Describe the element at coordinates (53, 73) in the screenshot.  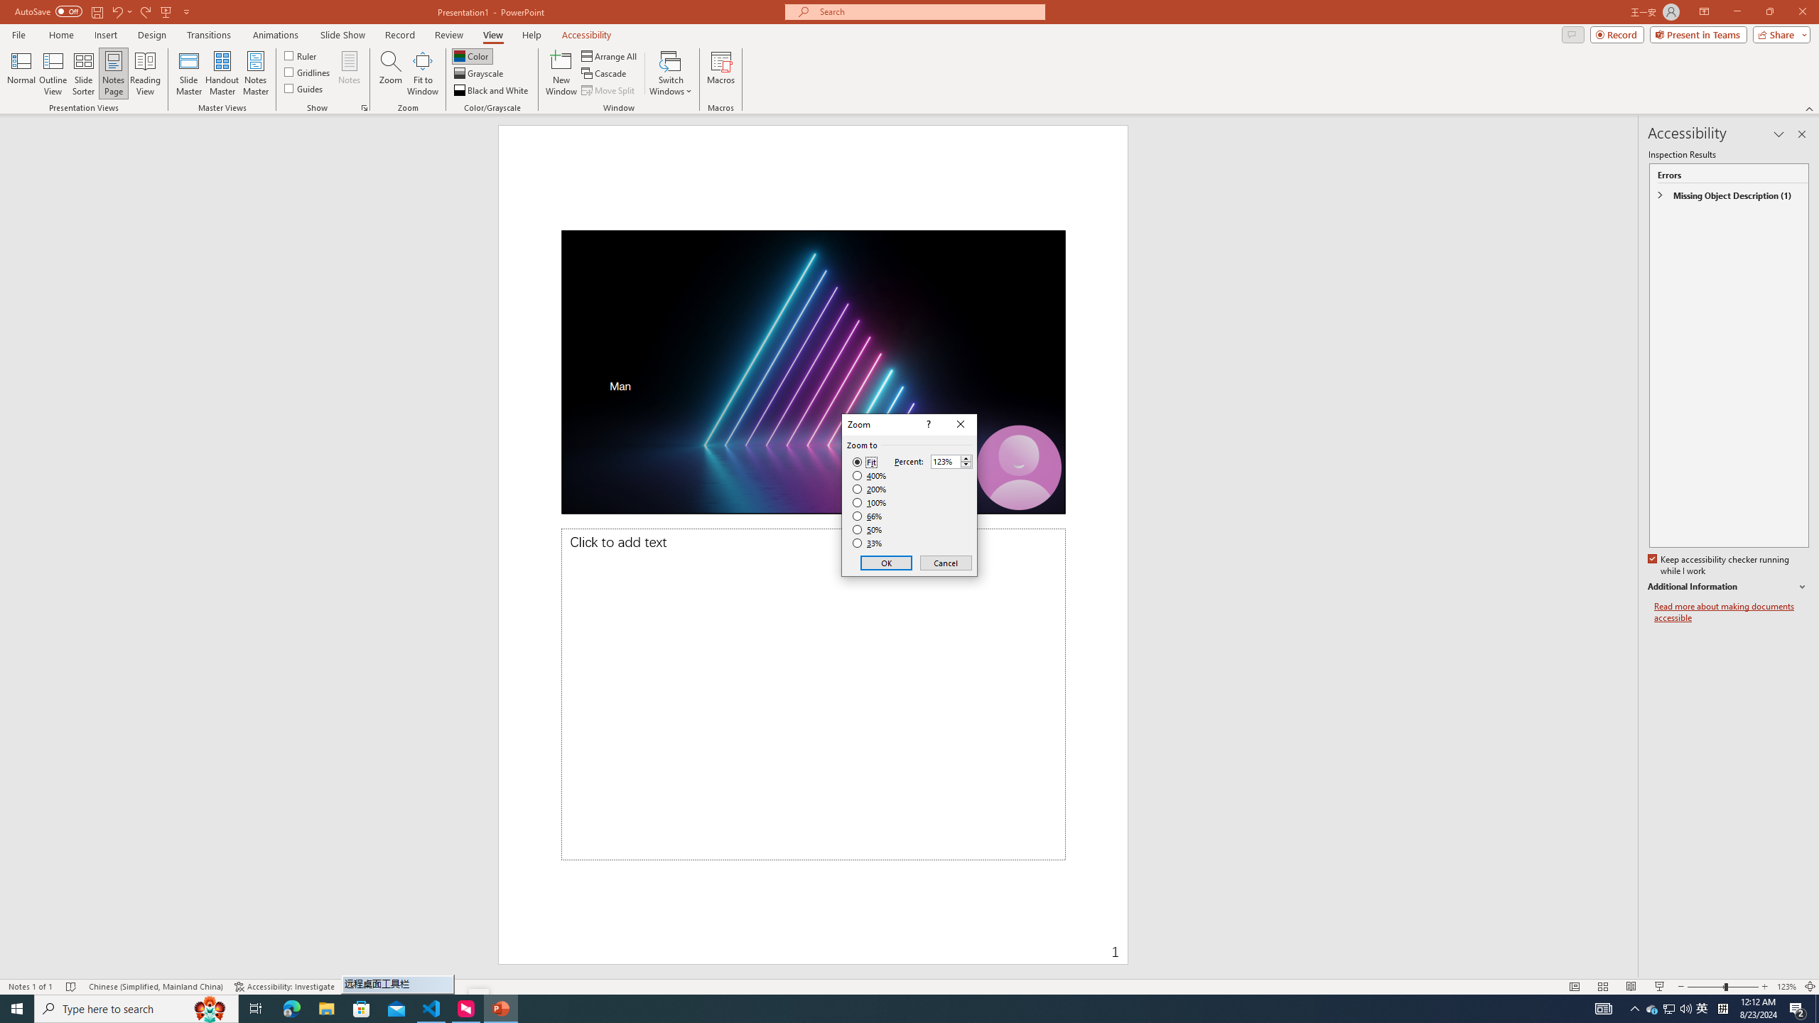
I see `'Outline View'` at that location.